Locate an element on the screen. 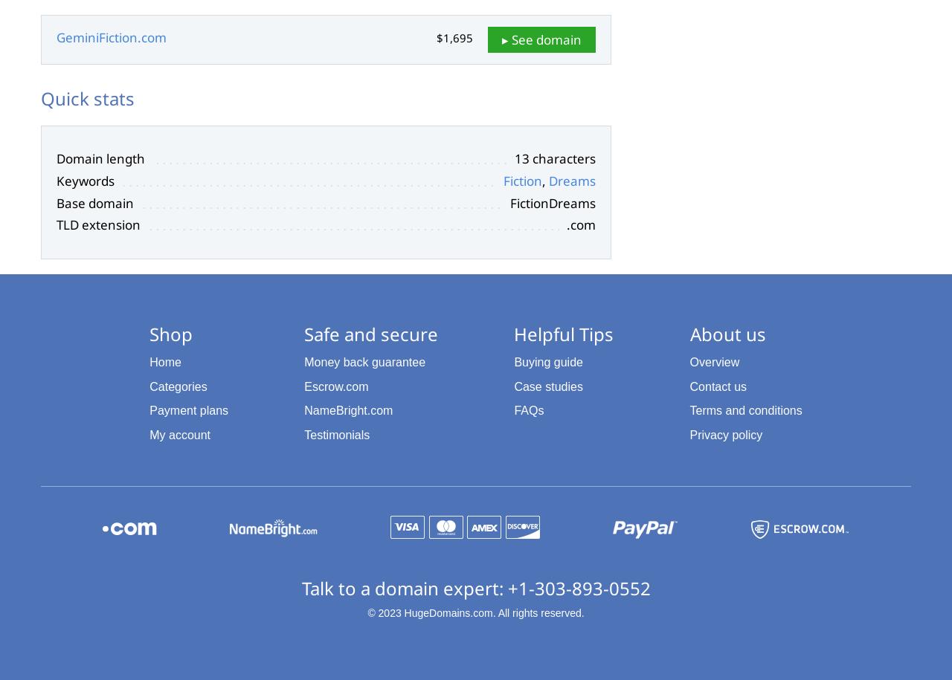 The height and width of the screenshot is (680, 952). 'Fiction' is located at coordinates (522, 180).